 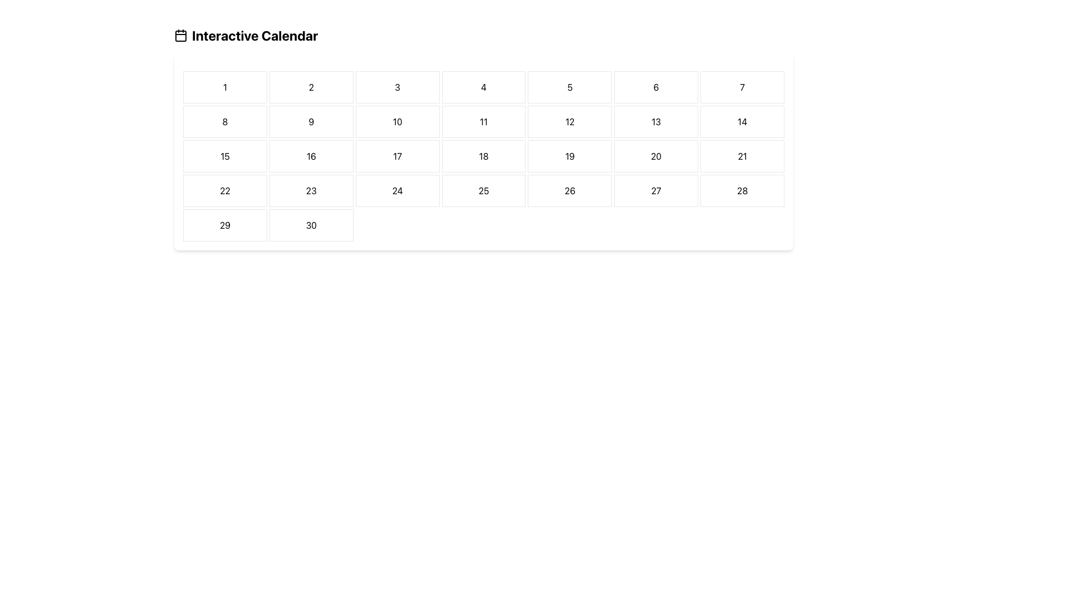 I want to click on the button-like tile representing the 27th day in the calendar grid, so click(x=656, y=190).